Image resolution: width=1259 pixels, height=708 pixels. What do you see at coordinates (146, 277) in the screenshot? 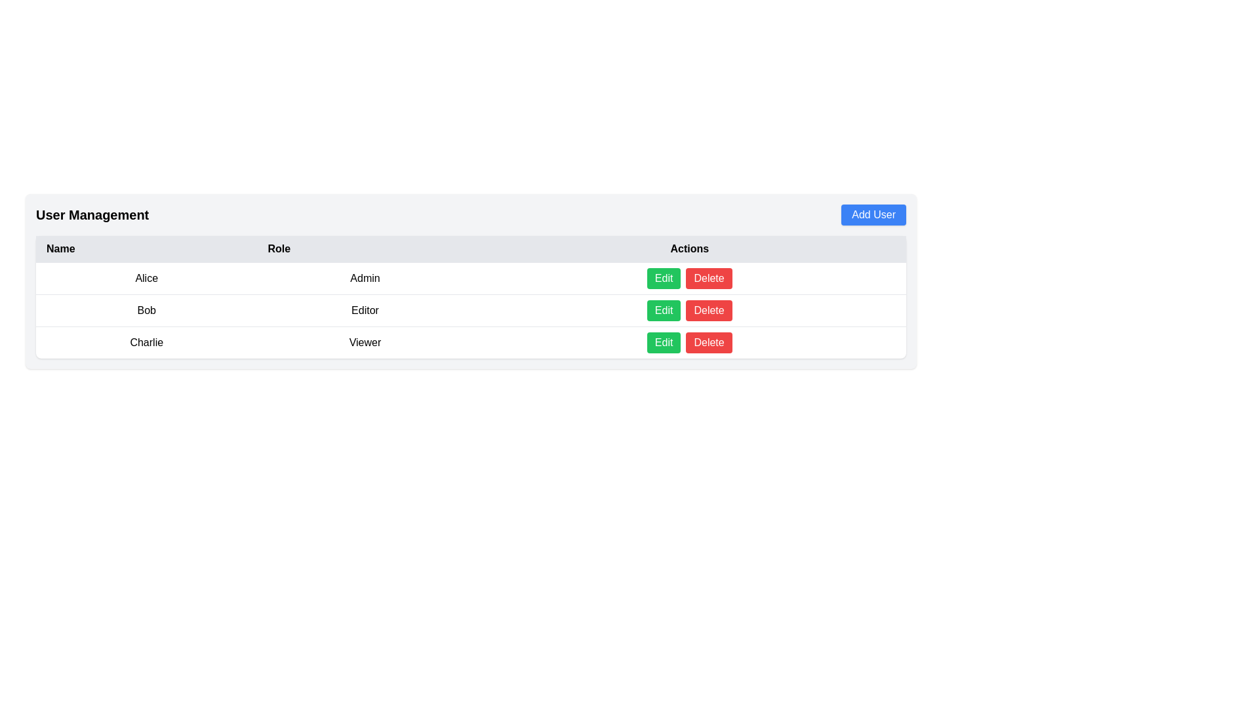
I see `the static text label displaying 'Alice' in the user management table, located in the second row under the 'Name' column` at bounding box center [146, 277].